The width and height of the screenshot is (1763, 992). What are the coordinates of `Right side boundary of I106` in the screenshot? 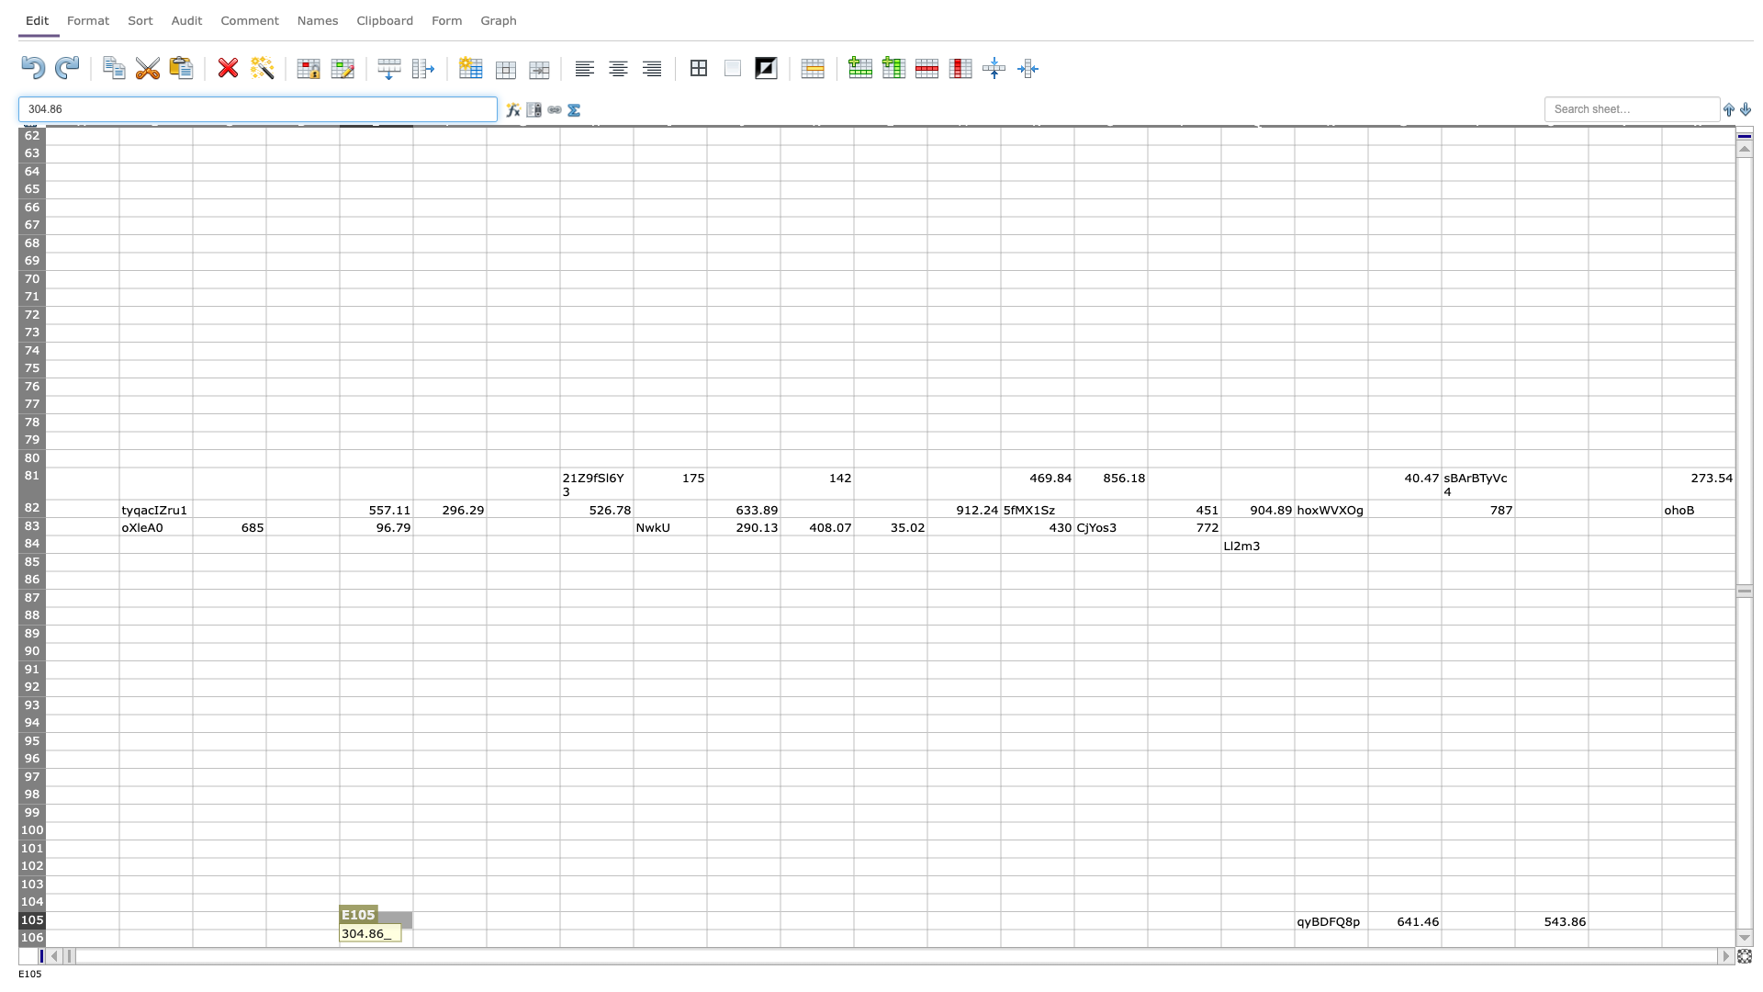 It's located at (705, 938).